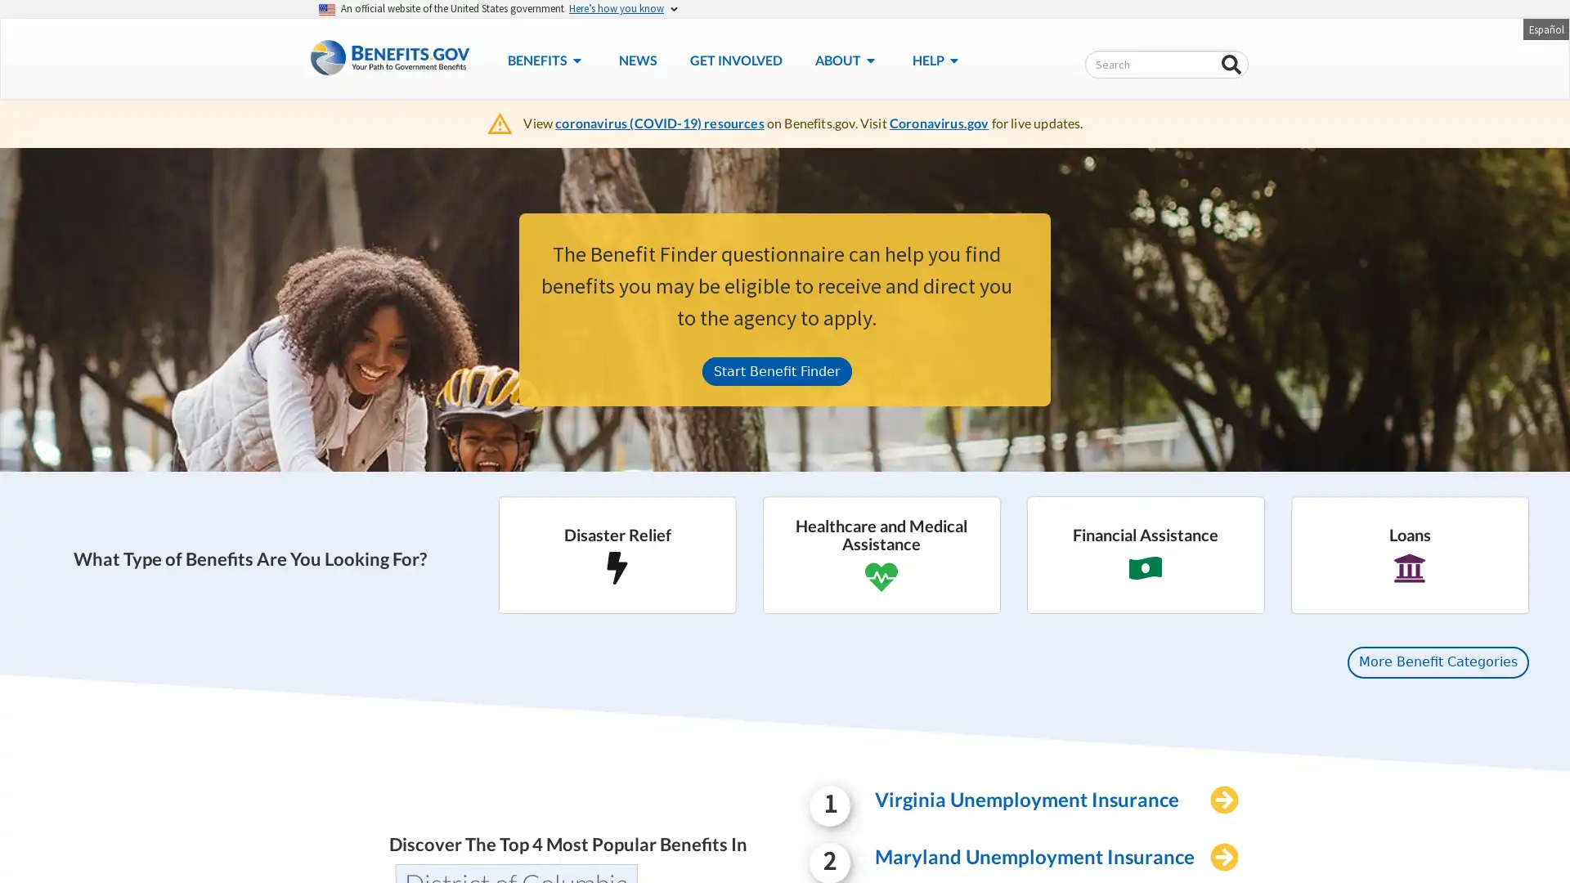 The height and width of the screenshot is (883, 1570). What do you see at coordinates (636, 59) in the screenshot?
I see `NEWS` at bounding box center [636, 59].